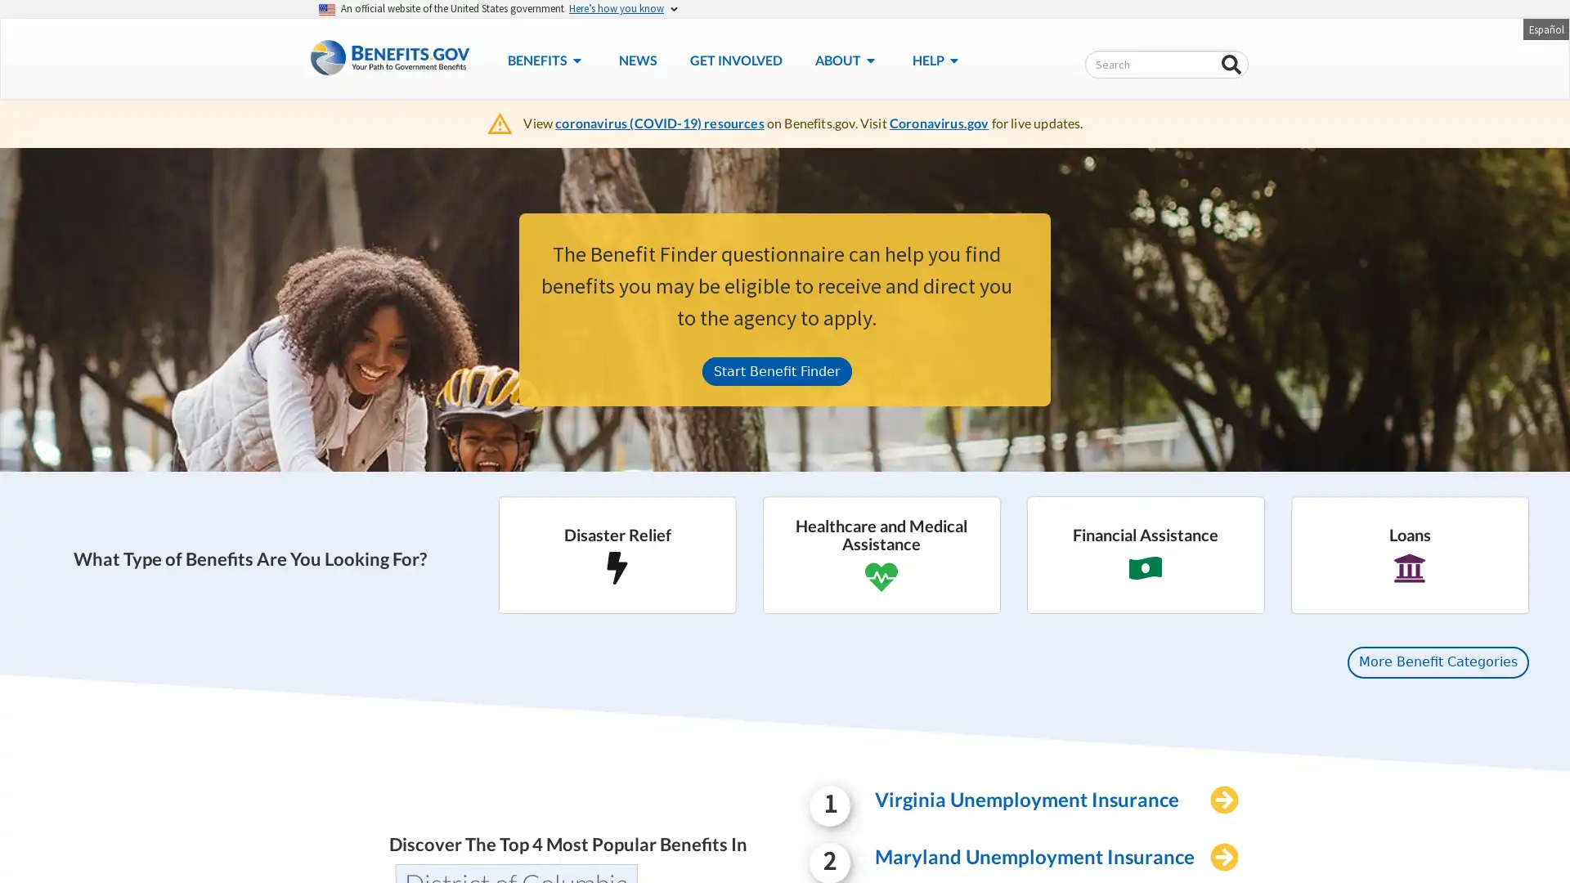 The height and width of the screenshot is (883, 1570). What do you see at coordinates (636, 59) in the screenshot?
I see `NEWS` at bounding box center [636, 59].